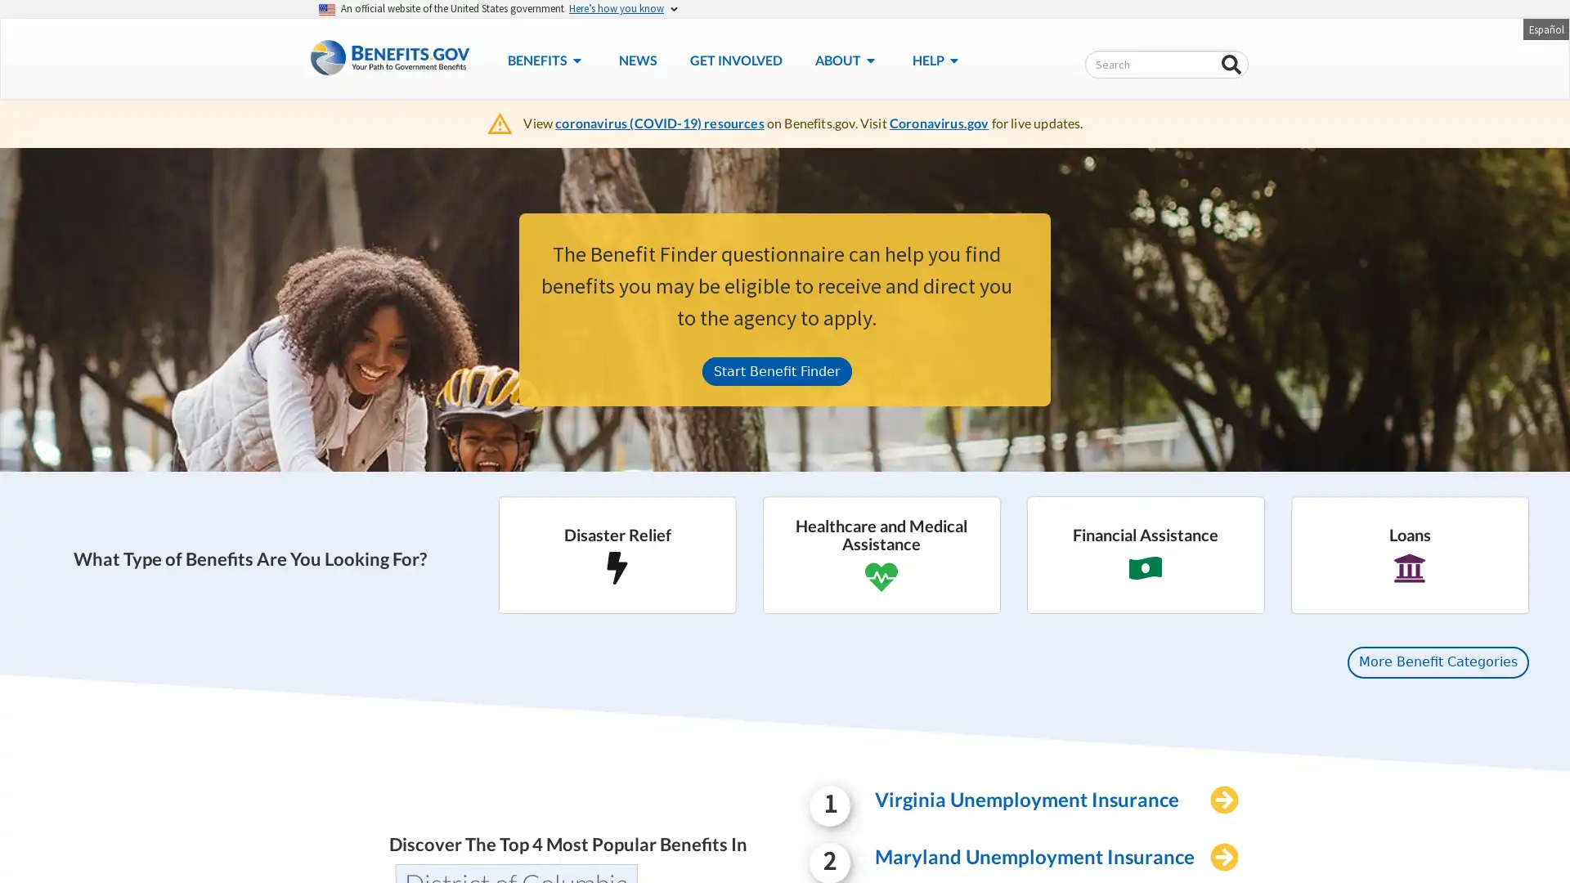 The height and width of the screenshot is (883, 1570). What do you see at coordinates (636, 59) in the screenshot?
I see `NEWS` at bounding box center [636, 59].